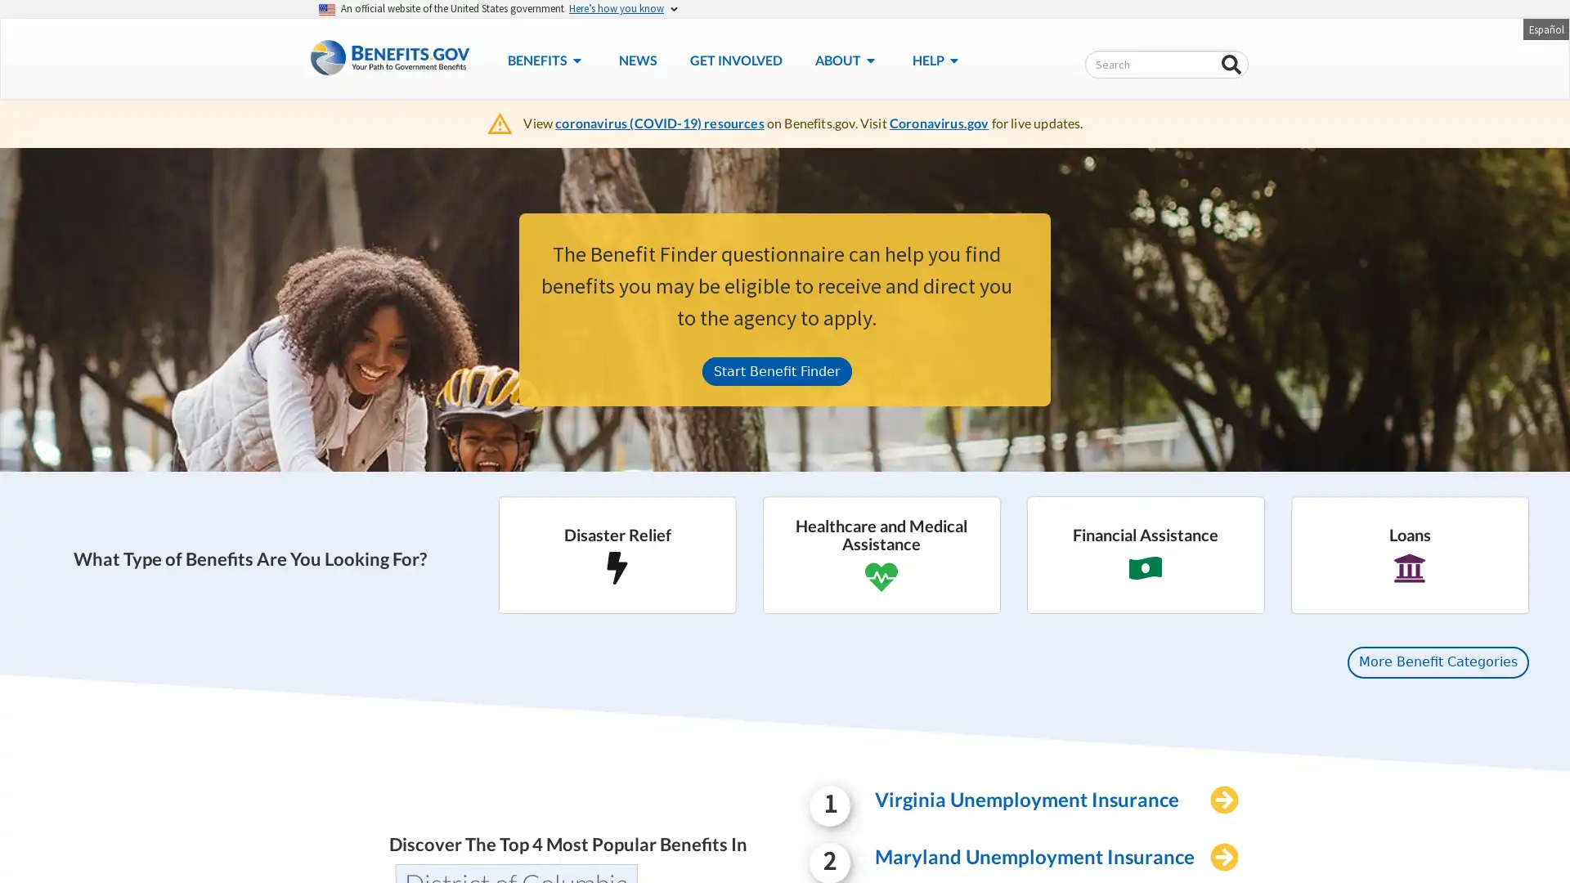 The height and width of the screenshot is (883, 1570). What do you see at coordinates (636, 59) in the screenshot?
I see `NEWS` at bounding box center [636, 59].